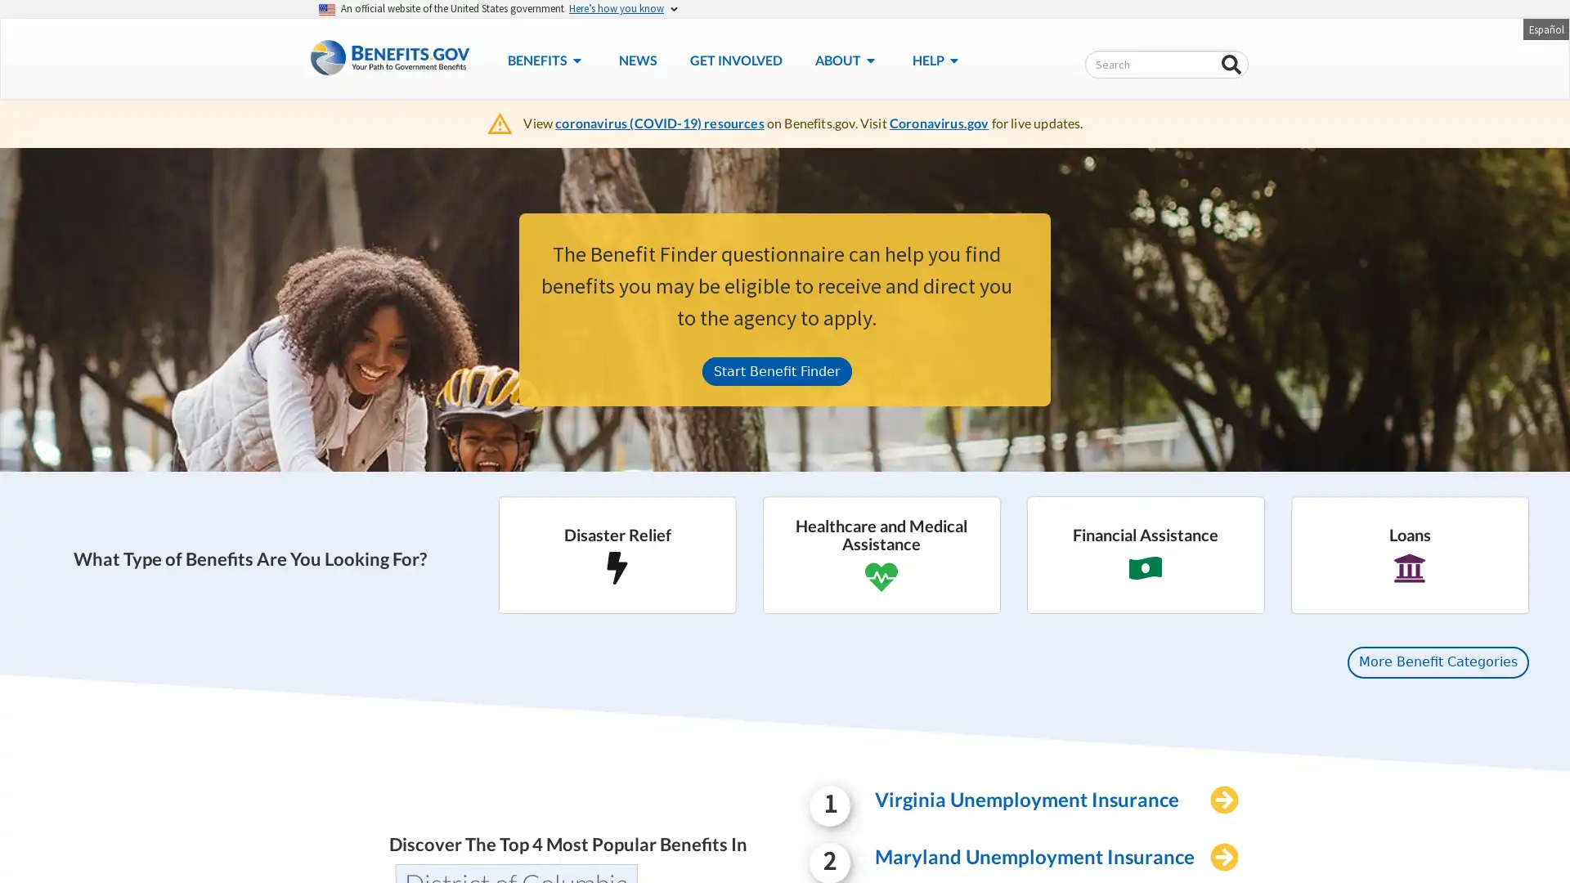 The height and width of the screenshot is (883, 1570). What do you see at coordinates (636, 59) in the screenshot?
I see `NEWS` at bounding box center [636, 59].